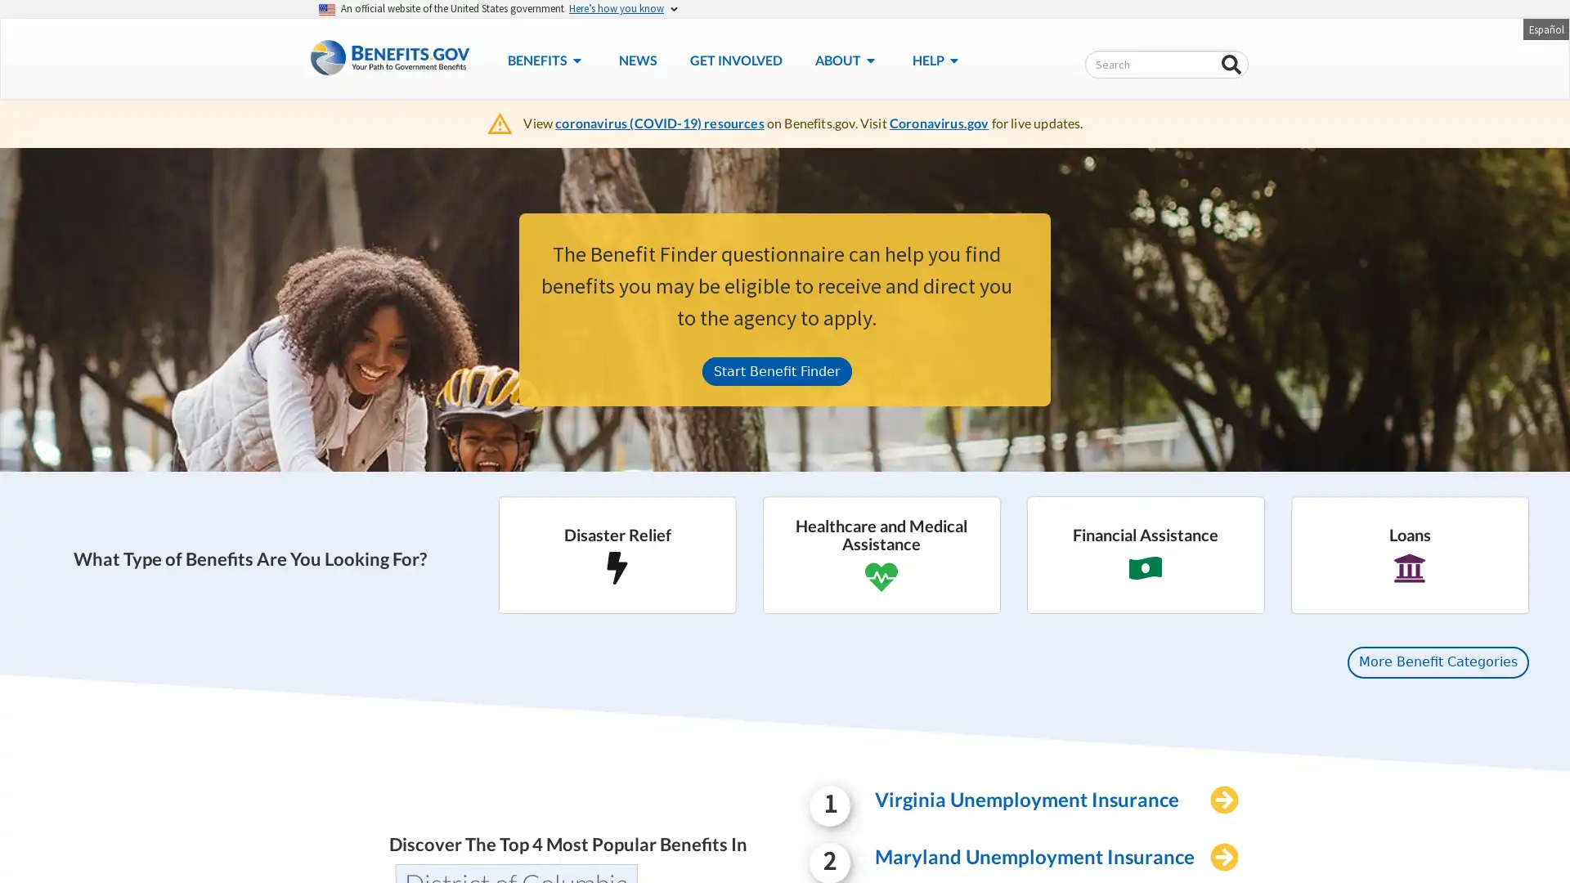 The height and width of the screenshot is (883, 1570). What do you see at coordinates (636, 59) in the screenshot?
I see `NEWS` at bounding box center [636, 59].